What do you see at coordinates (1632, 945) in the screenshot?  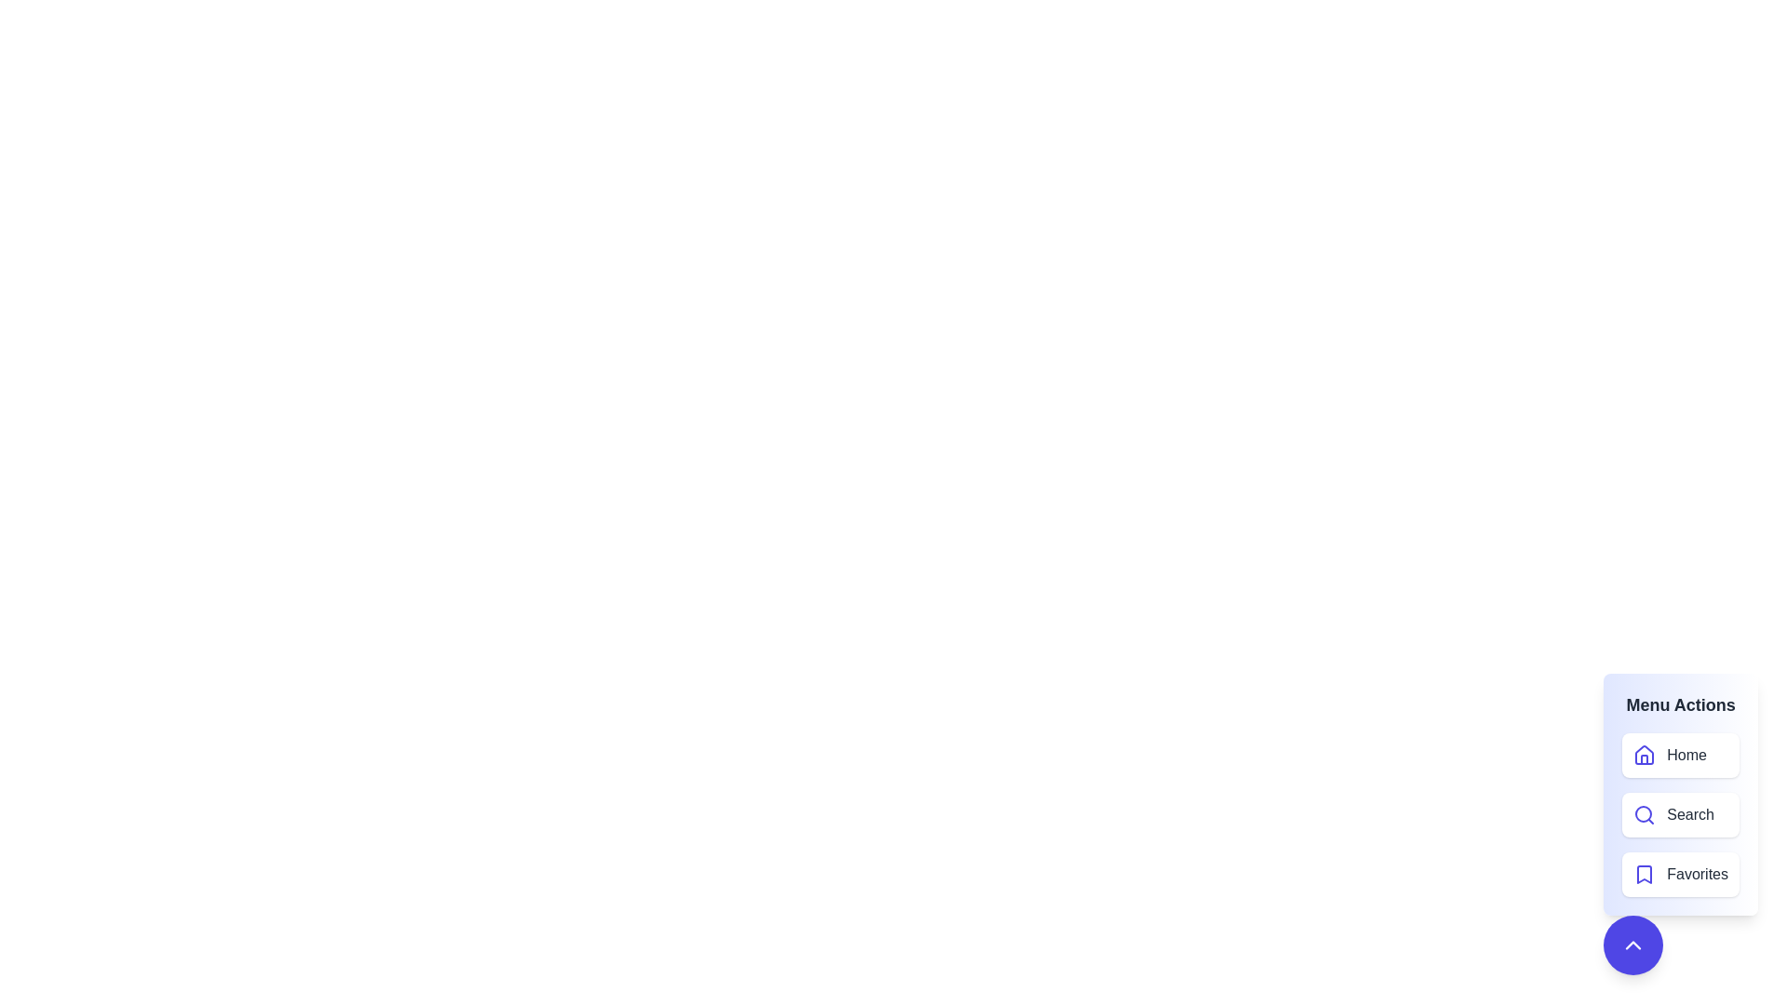 I see `button with the upward chevron icon to collapse the menu` at bounding box center [1632, 945].